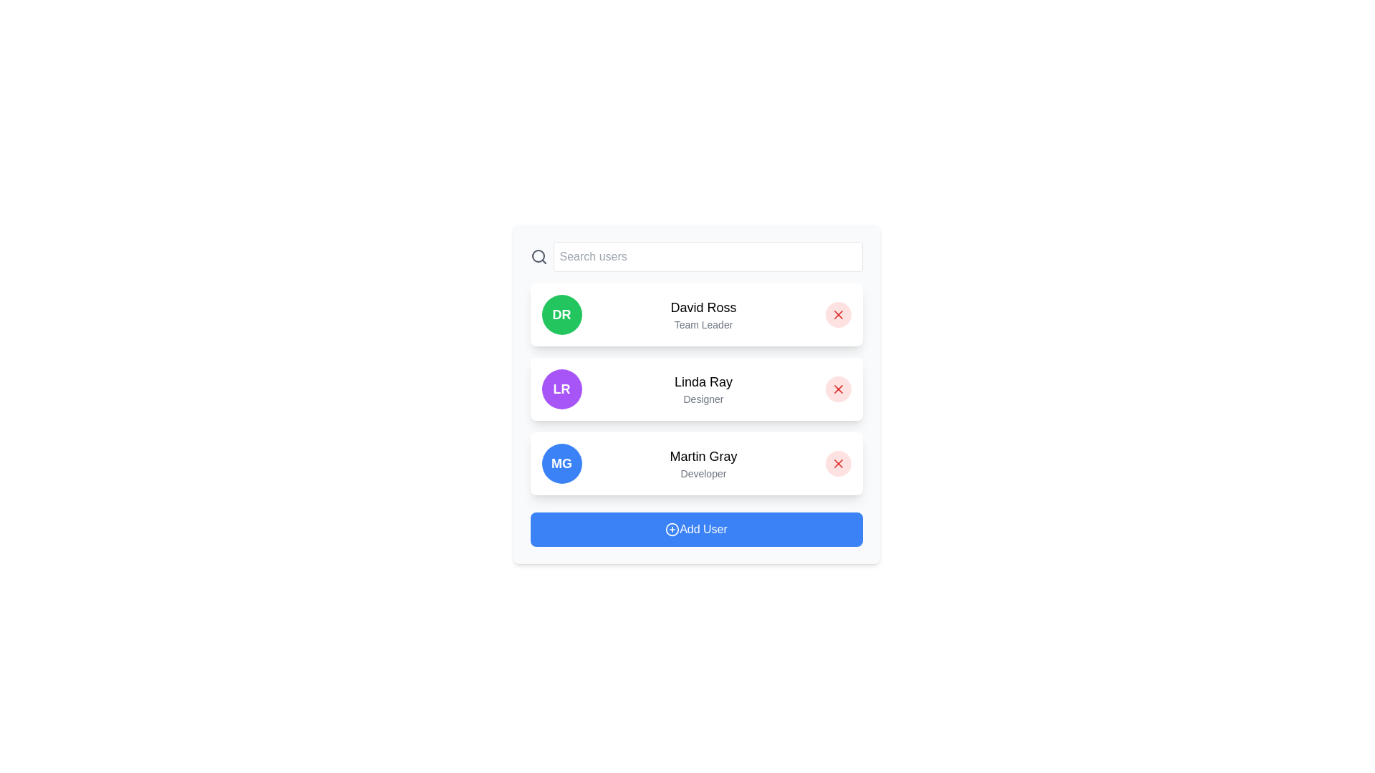  Describe the element at coordinates (672, 530) in the screenshot. I see `the Circle SVG graphic that is centered within the 'Add User' button located at the bottom of the interface` at that location.